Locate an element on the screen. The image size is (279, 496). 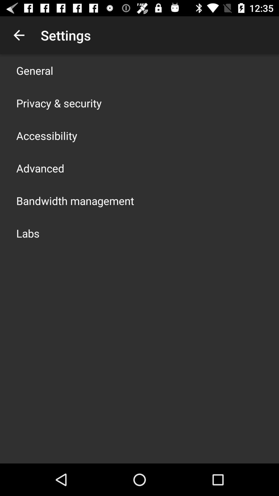
the item above the advanced item is located at coordinates (47, 135).